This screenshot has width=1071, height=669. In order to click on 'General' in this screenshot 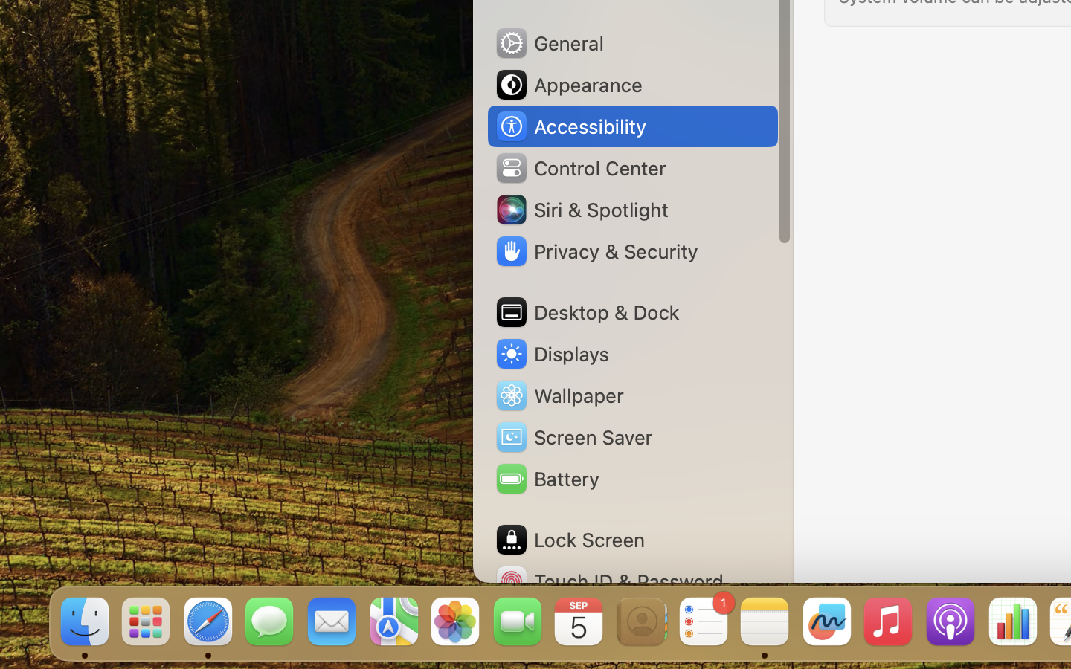, I will do `click(547, 42)`.